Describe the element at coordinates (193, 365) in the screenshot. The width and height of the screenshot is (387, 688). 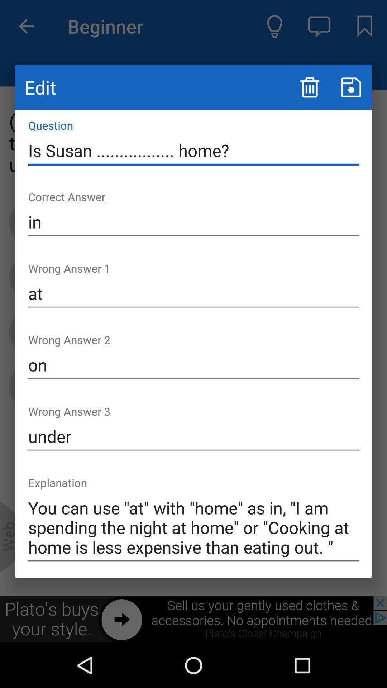
I see `the icon above the under icon` at that location.